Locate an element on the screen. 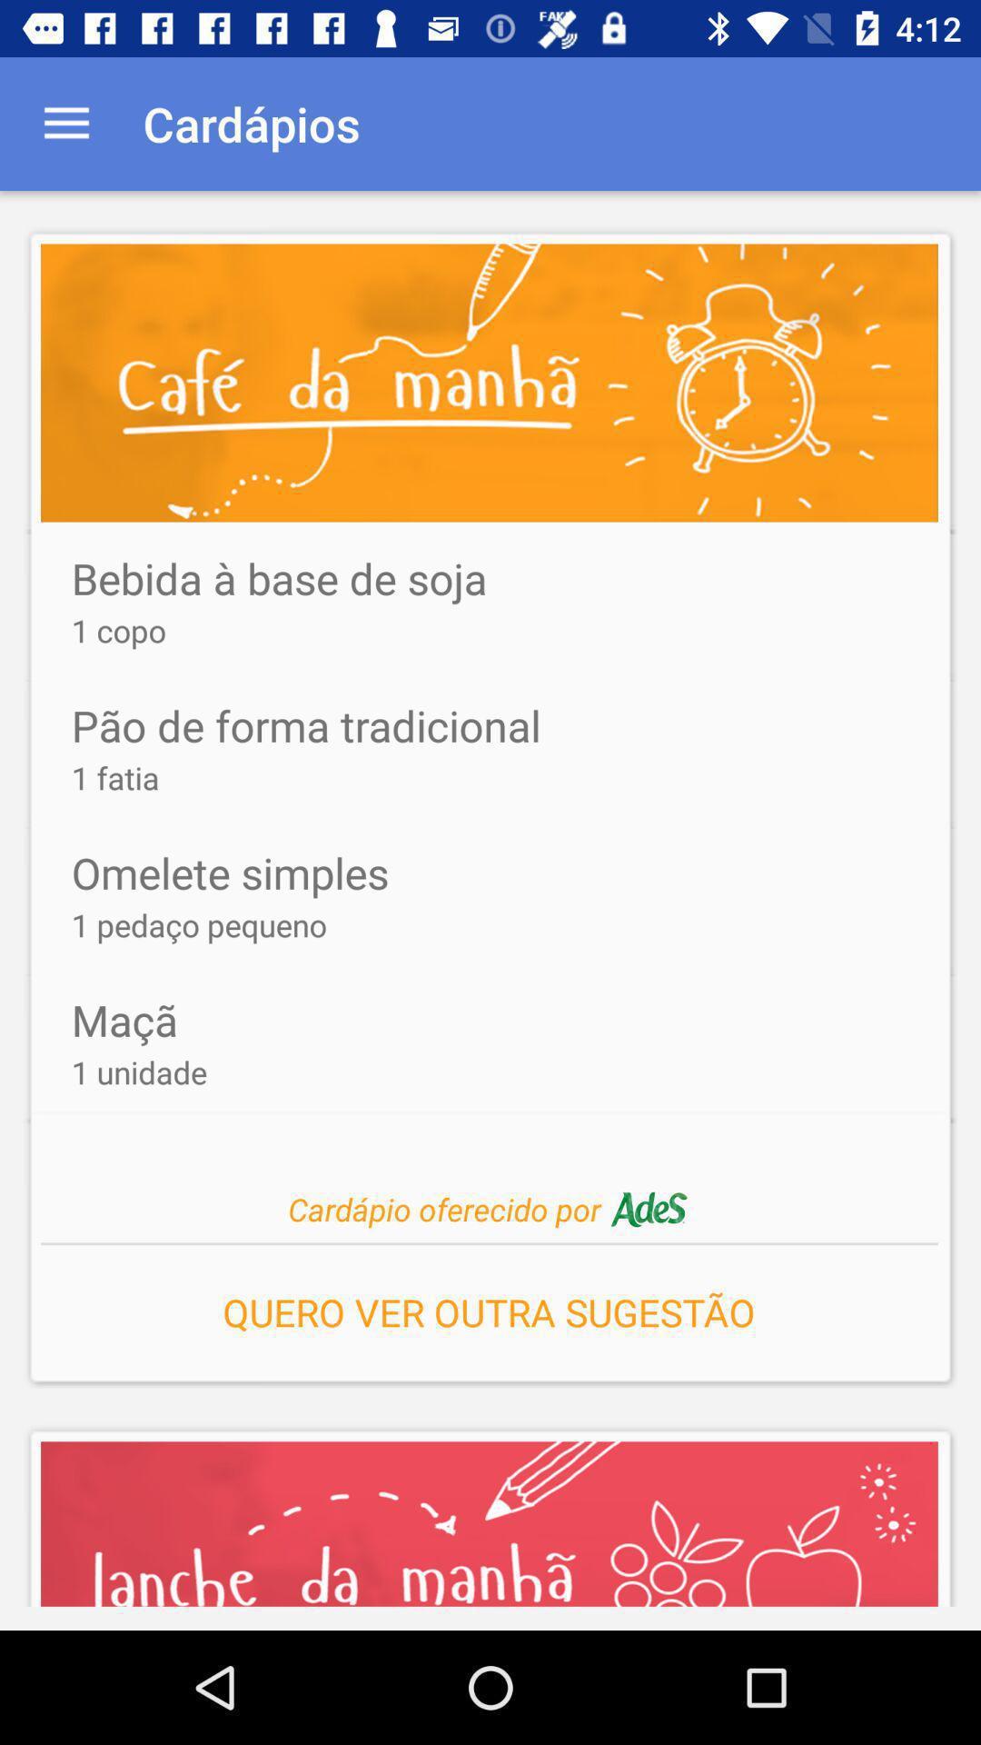 This screenshot has width=981, height=1745. the quero ver outra icon is located at coordinates (488, 1306).